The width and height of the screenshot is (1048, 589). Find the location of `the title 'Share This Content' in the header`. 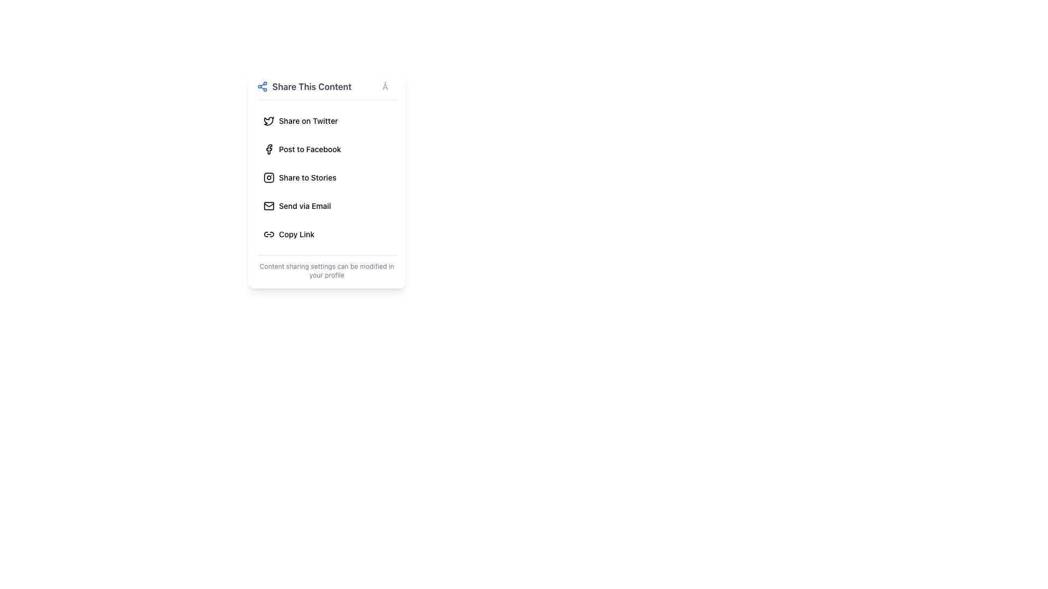

the title 'Share This Content' in the header is located at coordinates (326, 89).